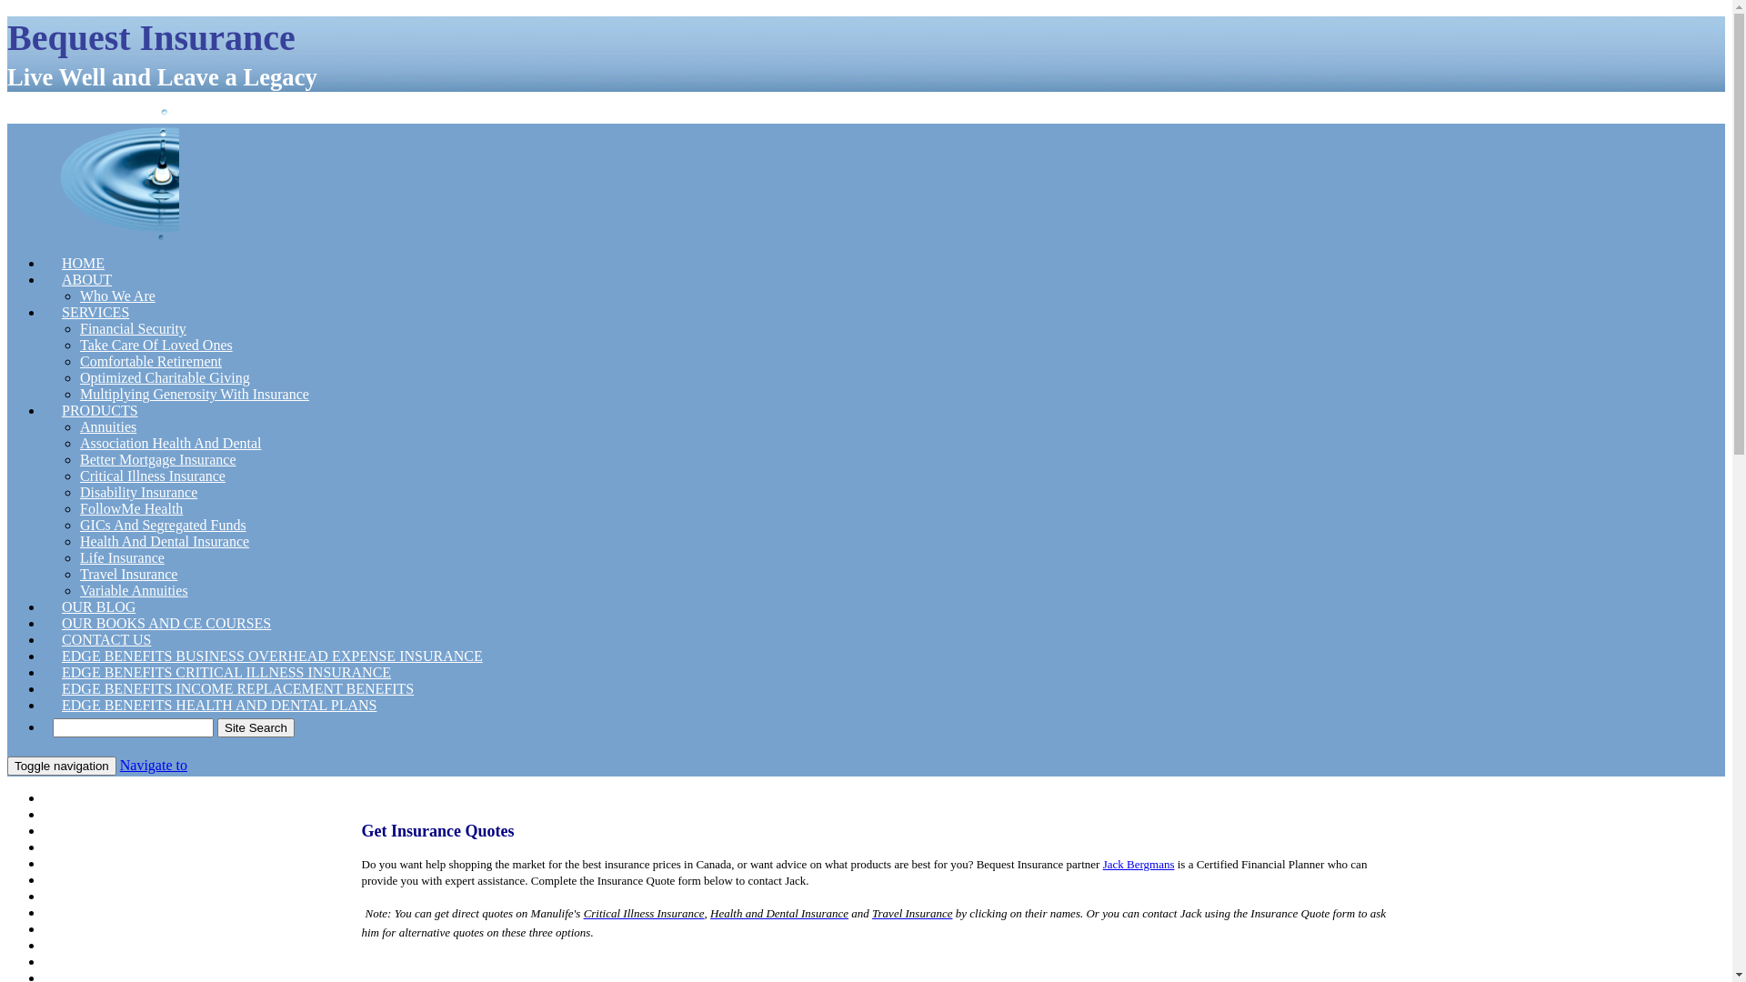 This screenshot has height=982, width=1746. What do you see at coordinates (153, 765) in the screenshot?
I see `'Navigate to'` at bounding box center [153, 765].